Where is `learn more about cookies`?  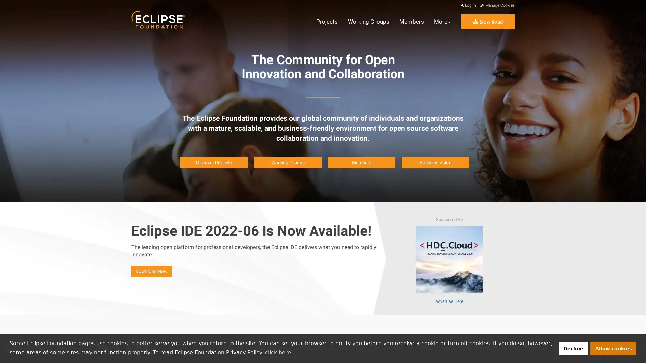
learn more about cookies is located at coordinates (279, 352).